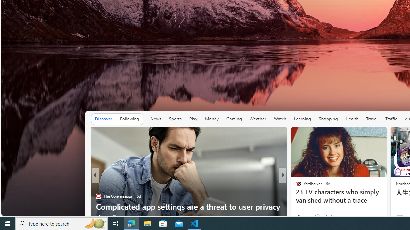 Image resolution: width=410 pixels, height=230 pixels. Describe the element at coordinates (234, 119) in the screenshot. I see `'Gaming'` at that location.